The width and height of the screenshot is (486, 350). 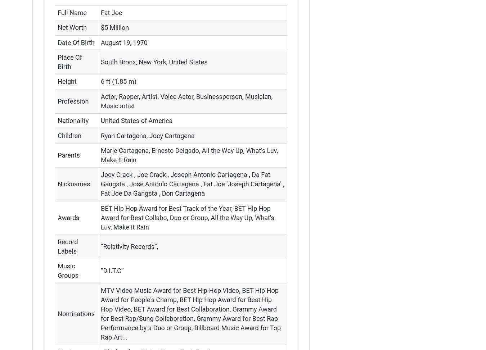 What do you see at coordinates (187, 217) in the screenshot?
I see `'BET Hip Hop Award for Best Track of the Year, BET Hip Hop Award for Best Collabo, Duo or Group, All the Way Up, What's Luv, Make It Rain'` at bounding box center [187, 217].